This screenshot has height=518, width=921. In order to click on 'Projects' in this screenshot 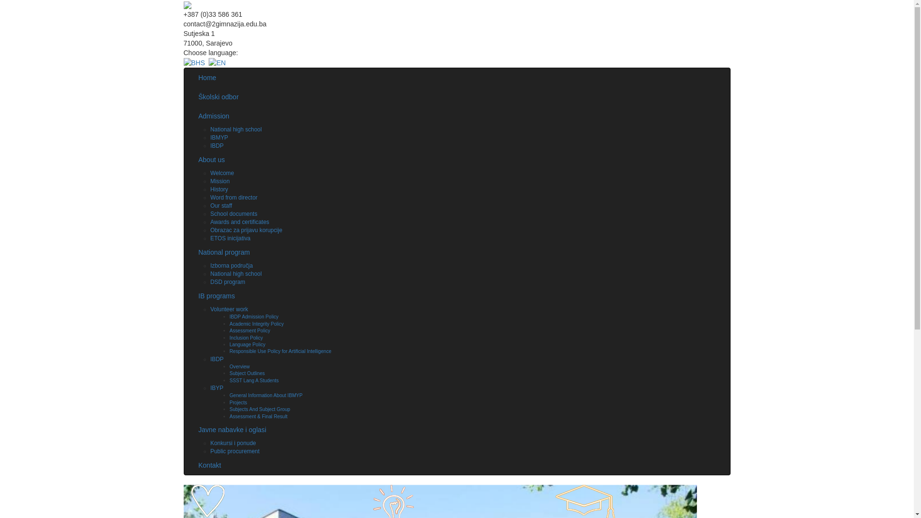, I will do `click(238, 402)`.